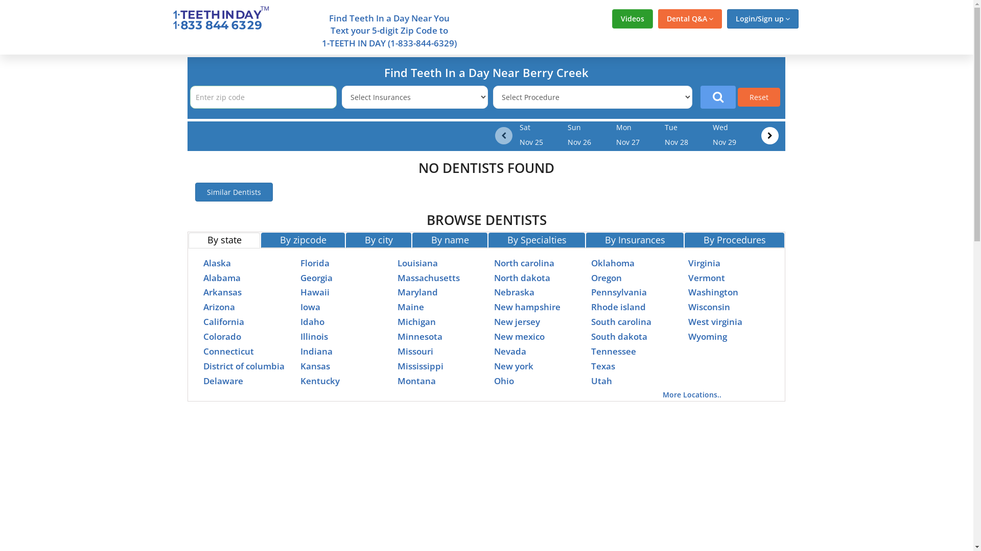 The width and height of the screenshot is (981, 551). I want to click on 'Delaware', so click(222, 381).